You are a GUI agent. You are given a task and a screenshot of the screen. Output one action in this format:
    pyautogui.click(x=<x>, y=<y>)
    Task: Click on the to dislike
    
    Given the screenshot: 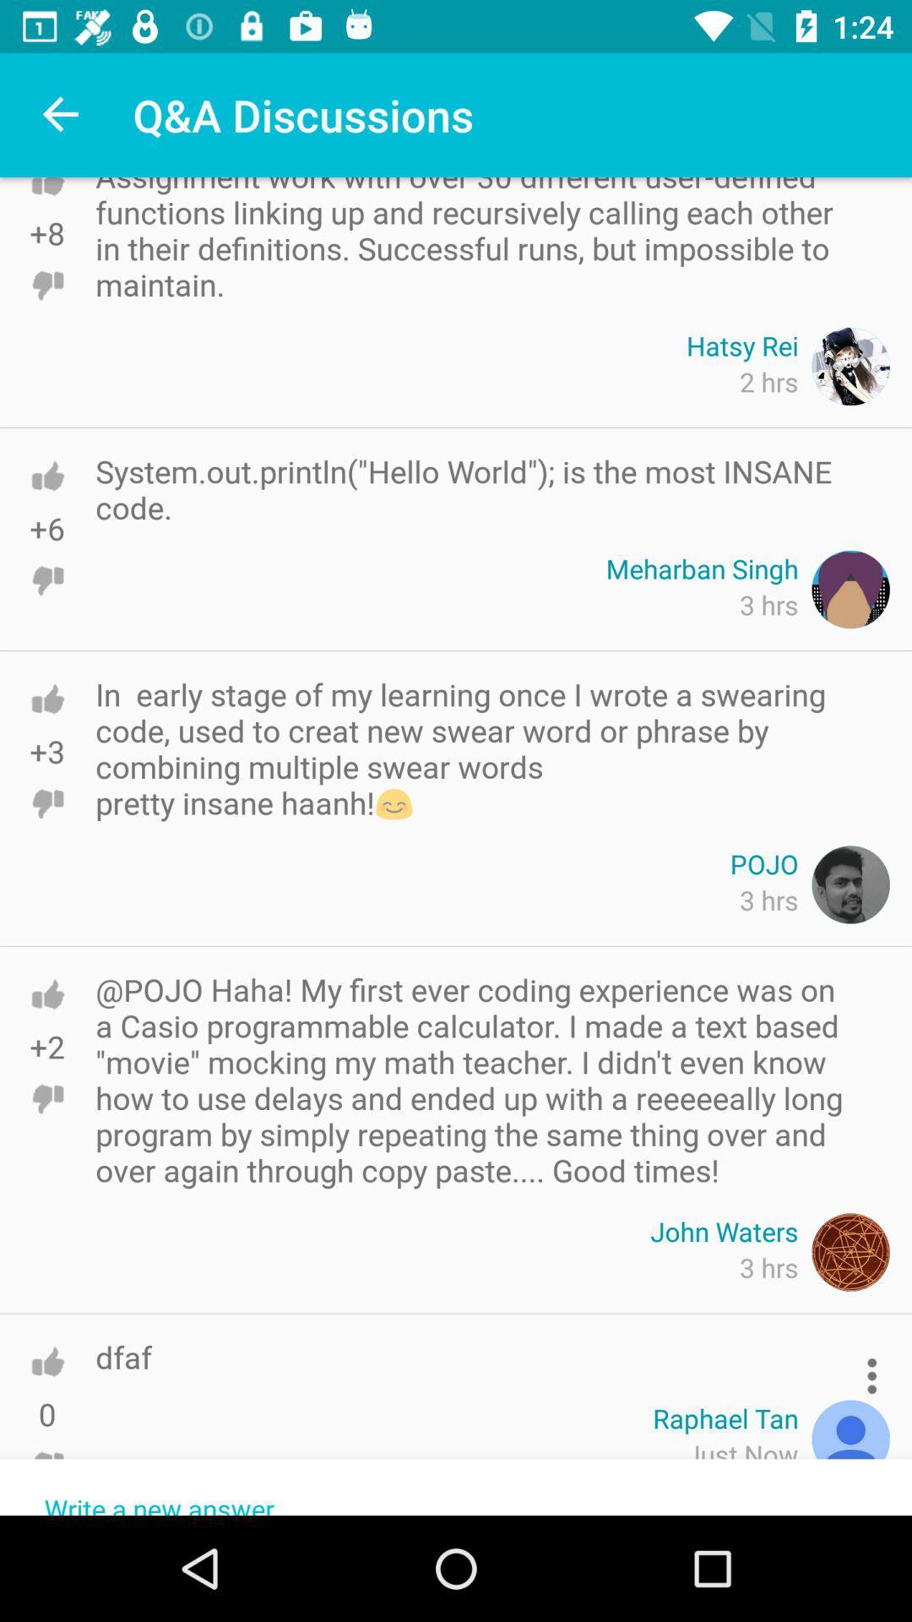 What is the action you would take?
    pyautogui.click(x=46, y=803)
    